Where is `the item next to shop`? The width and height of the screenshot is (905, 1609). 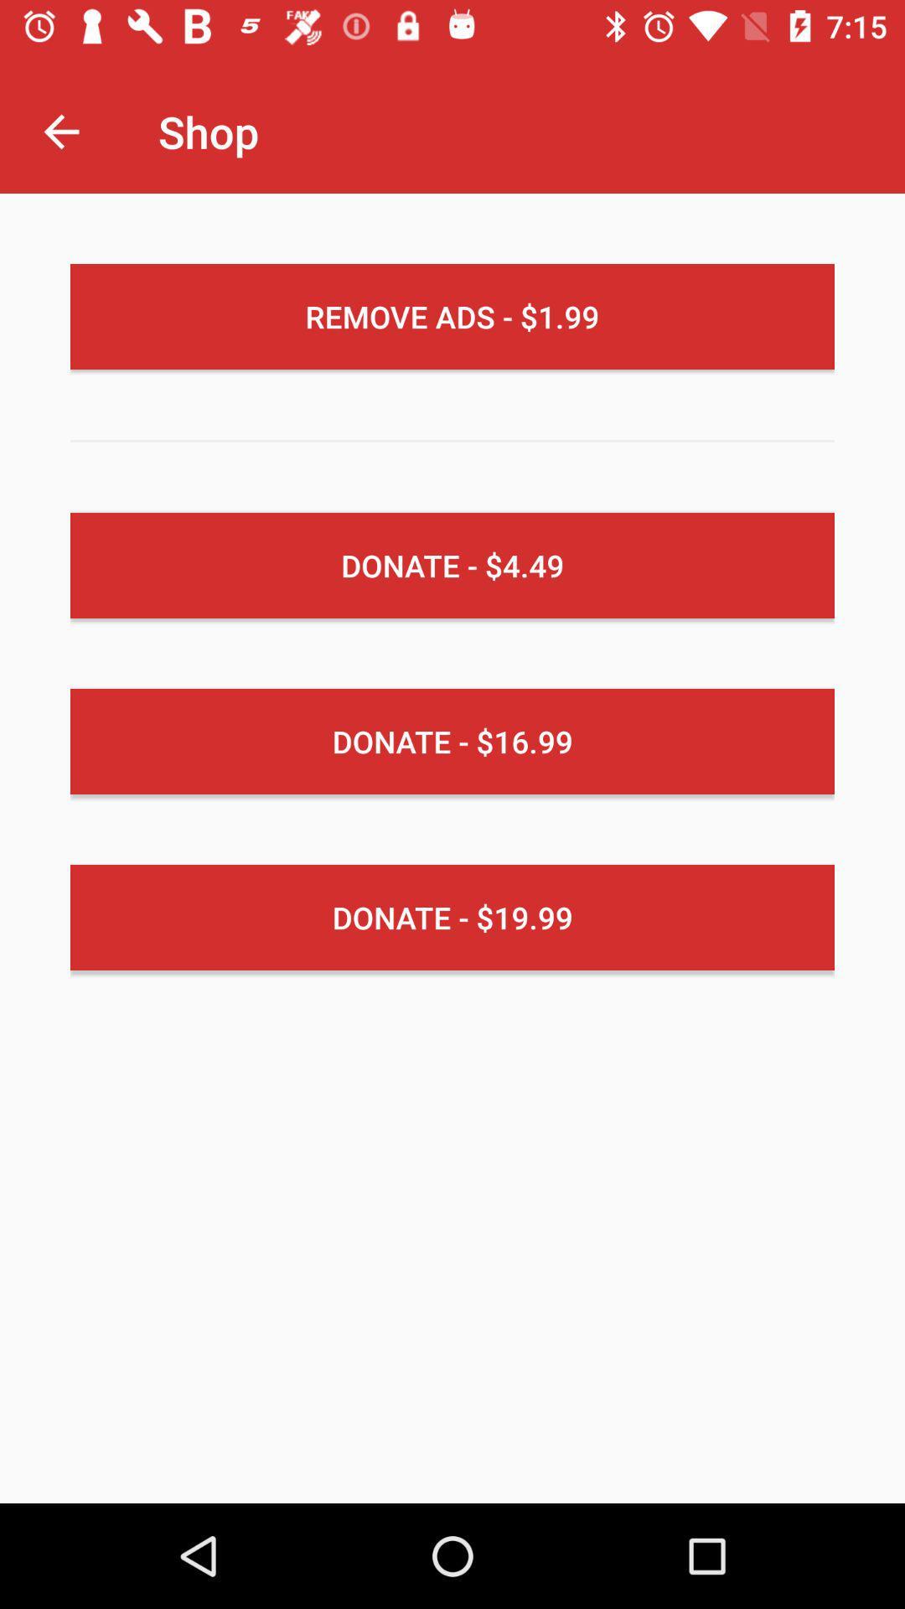
the item next to shop is located at coordinates (60, 131).